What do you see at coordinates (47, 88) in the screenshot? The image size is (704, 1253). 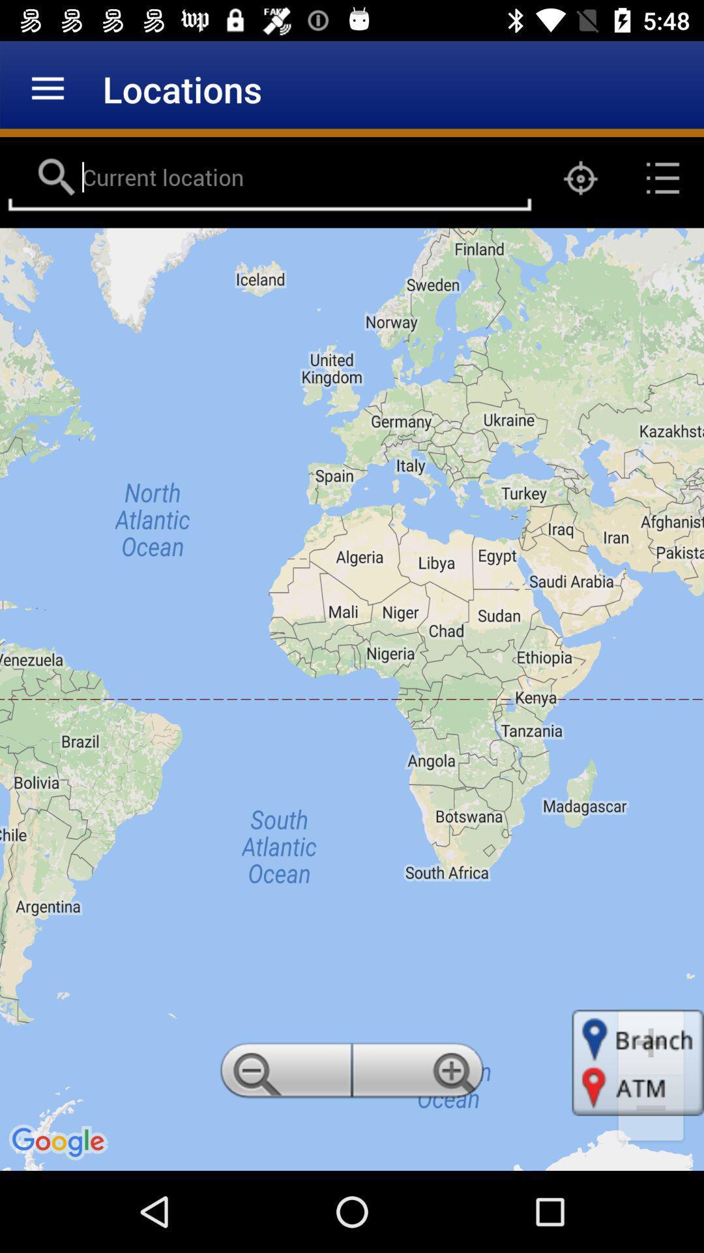 I see `the item to the left of locations icon` at bounding box center [47, 88].